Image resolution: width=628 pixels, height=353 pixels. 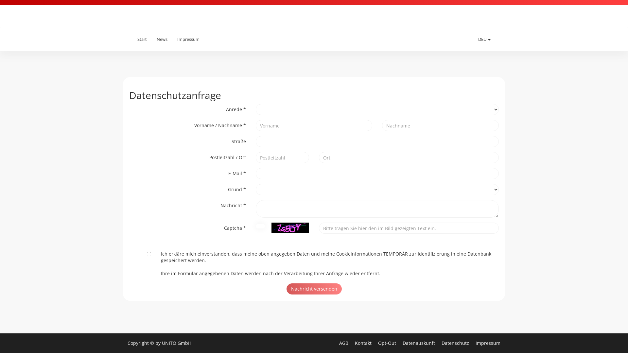 What do you see at coordinates (162, 39) in the screenshot?
I see `'News'` at bounding box center [162, 39].